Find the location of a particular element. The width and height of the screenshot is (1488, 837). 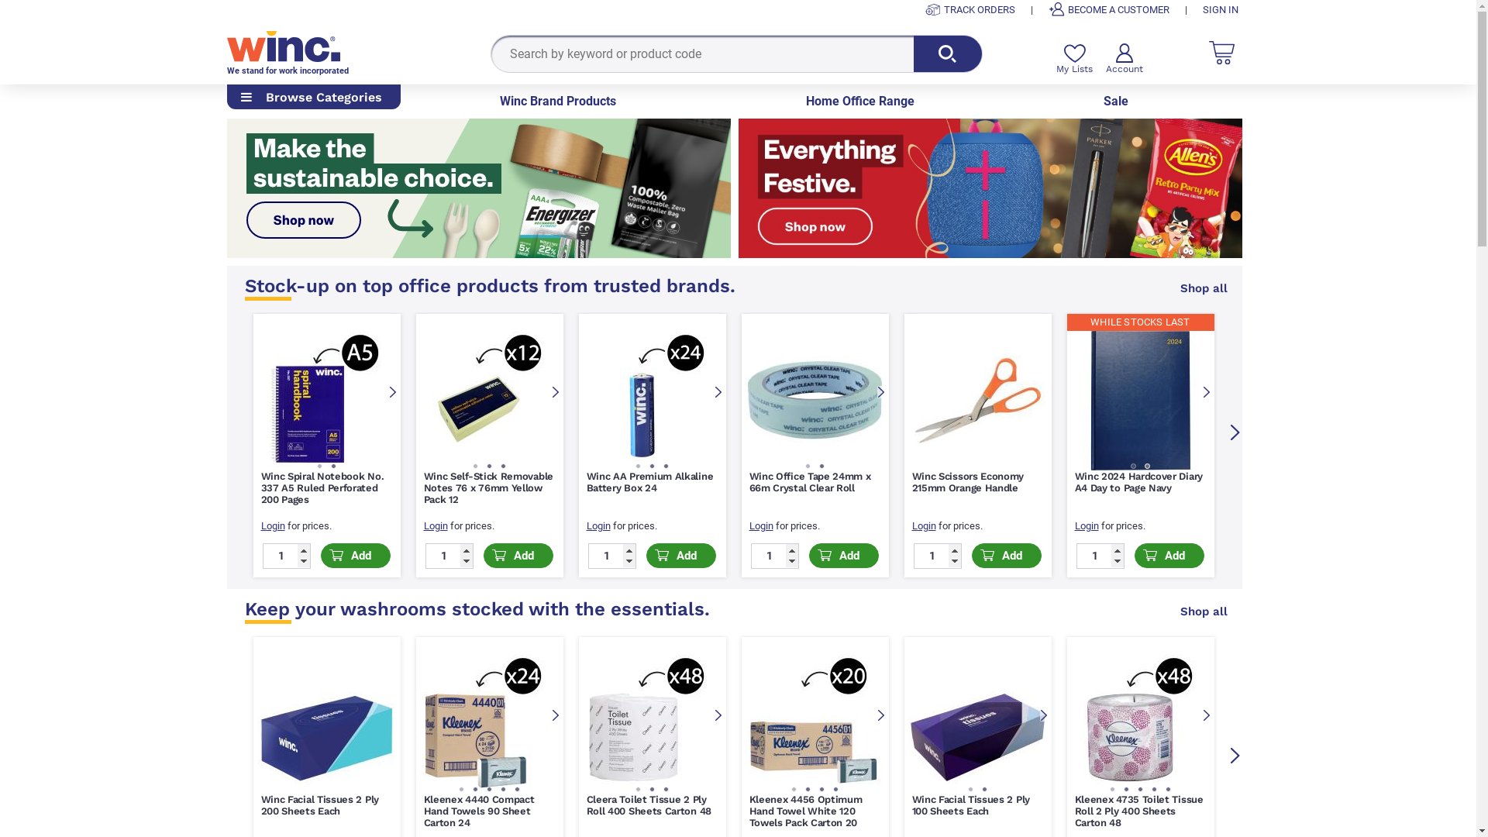

'Next' is located at coordinates (1204, 716).